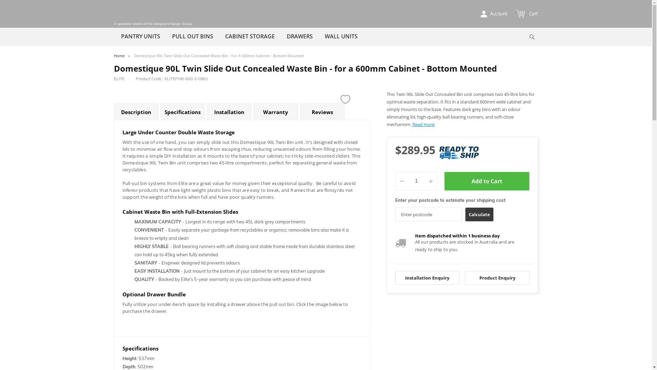  What do you see at coordinates (423, 124) in the screenshot?
I see `'Read more'` at bounding box center [423, 124].